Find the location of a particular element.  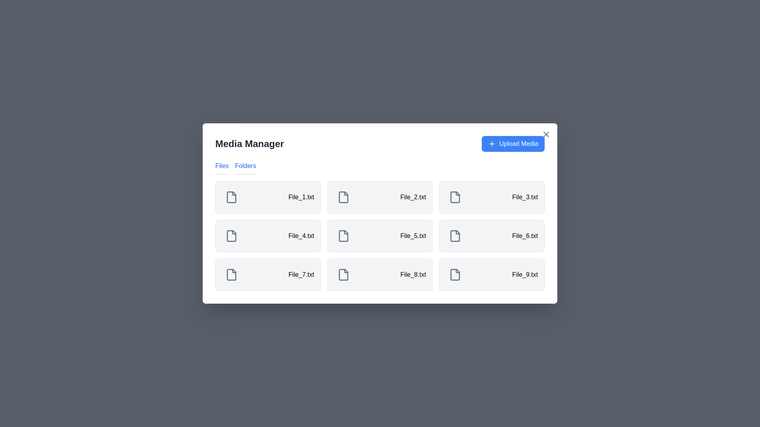

the icon element representing a document file type, located at the center of the last item labeled 'File_9.txt', which is displayed in the last column of the last row is located at coordinates (455, 274).